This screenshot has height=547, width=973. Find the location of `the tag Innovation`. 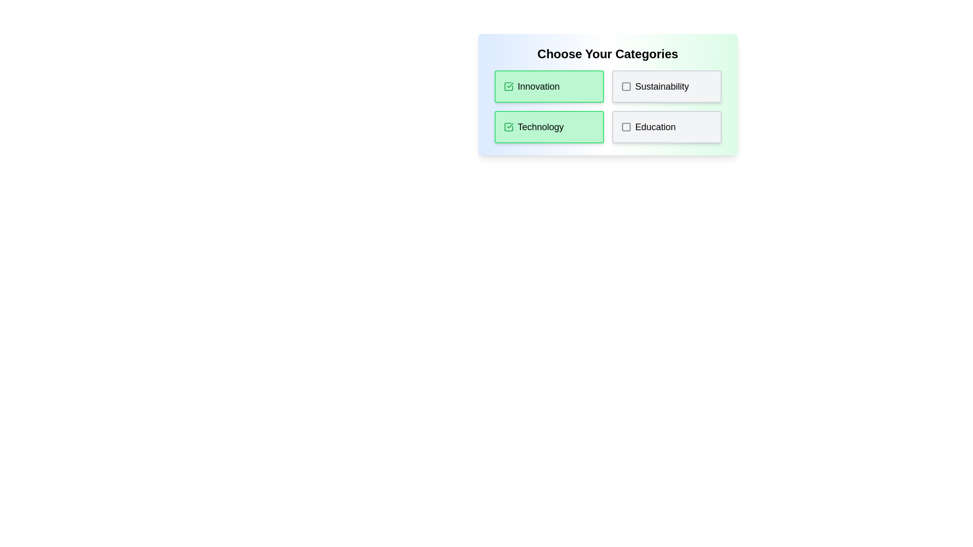

the tag Innovation is located at coordinates (548, 86).